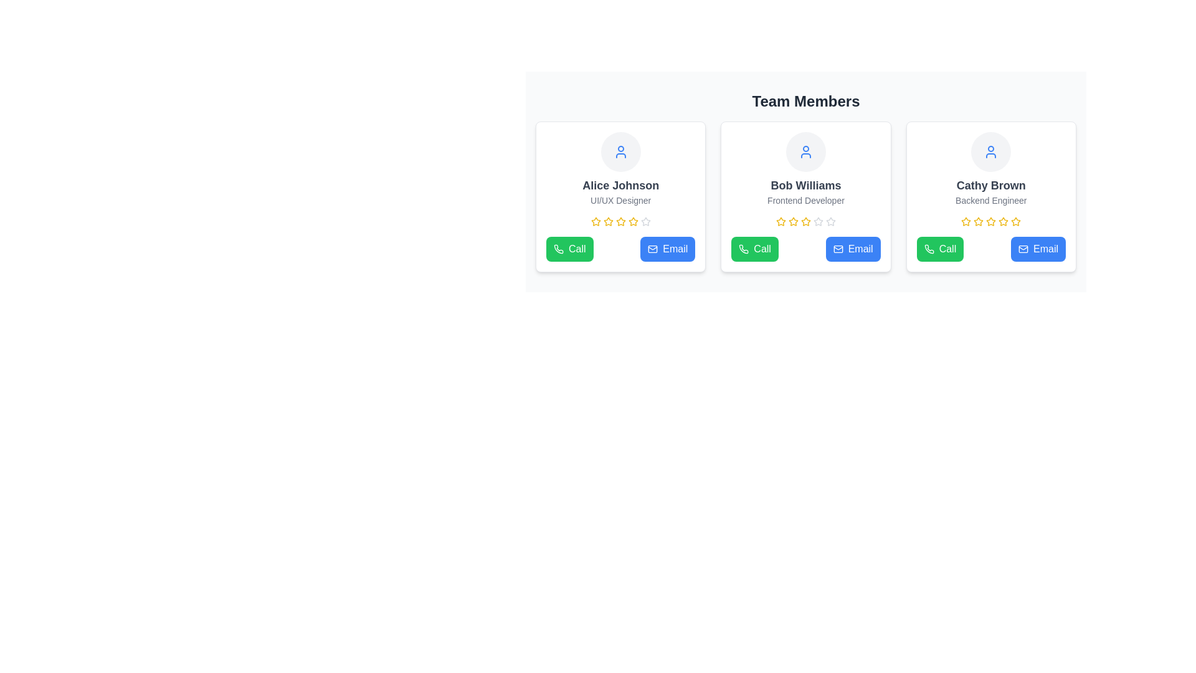 The width and height of the screenshot is (1196, 673). I want to click on the phone icon representing the call functionality for Bob Williams, so click(744, 249).